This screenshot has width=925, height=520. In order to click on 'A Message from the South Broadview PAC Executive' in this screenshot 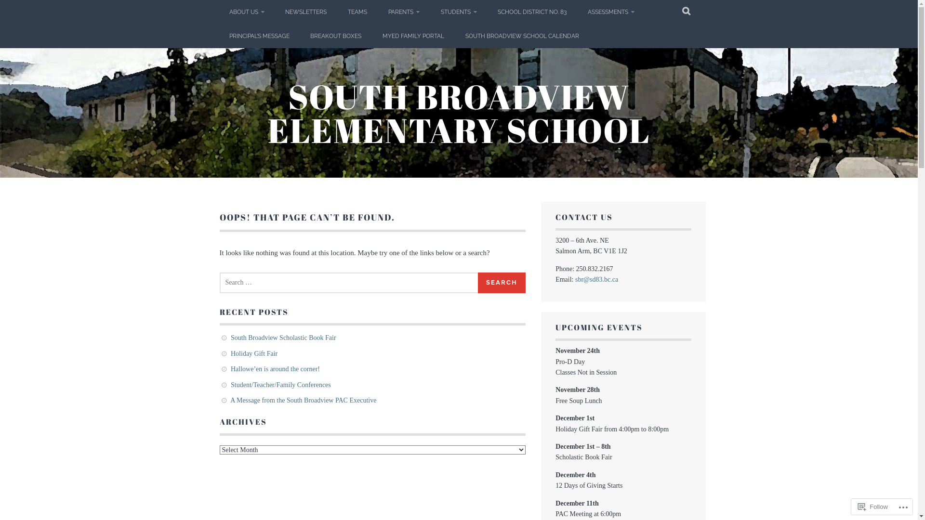, I will do `click(303, 400)`.